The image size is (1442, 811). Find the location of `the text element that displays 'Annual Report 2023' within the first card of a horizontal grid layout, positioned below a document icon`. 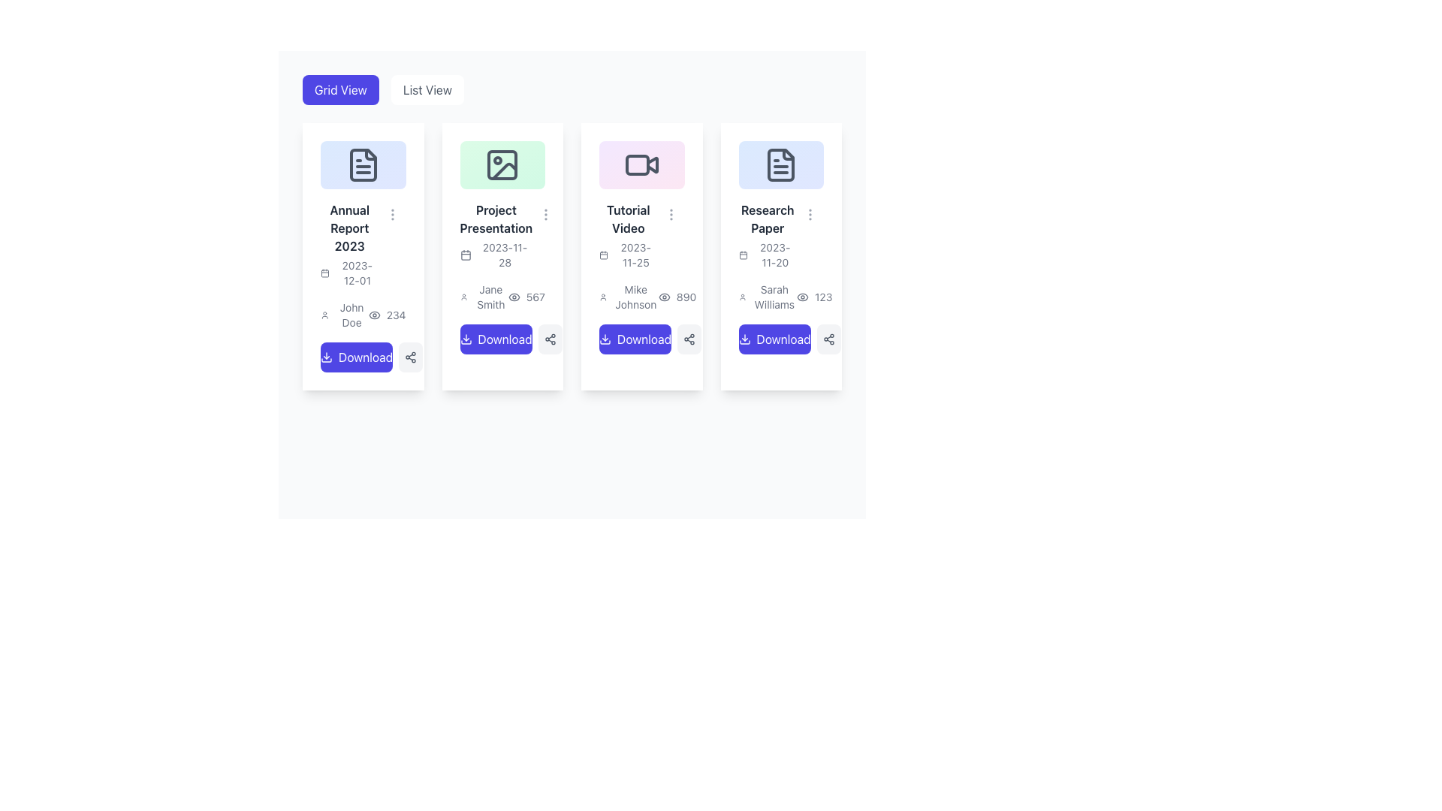

the text element that displays 'Annual Report 2023' within the first card of a horizontal grid layout, positioned below a document icon is located at coordinates (348, 243).